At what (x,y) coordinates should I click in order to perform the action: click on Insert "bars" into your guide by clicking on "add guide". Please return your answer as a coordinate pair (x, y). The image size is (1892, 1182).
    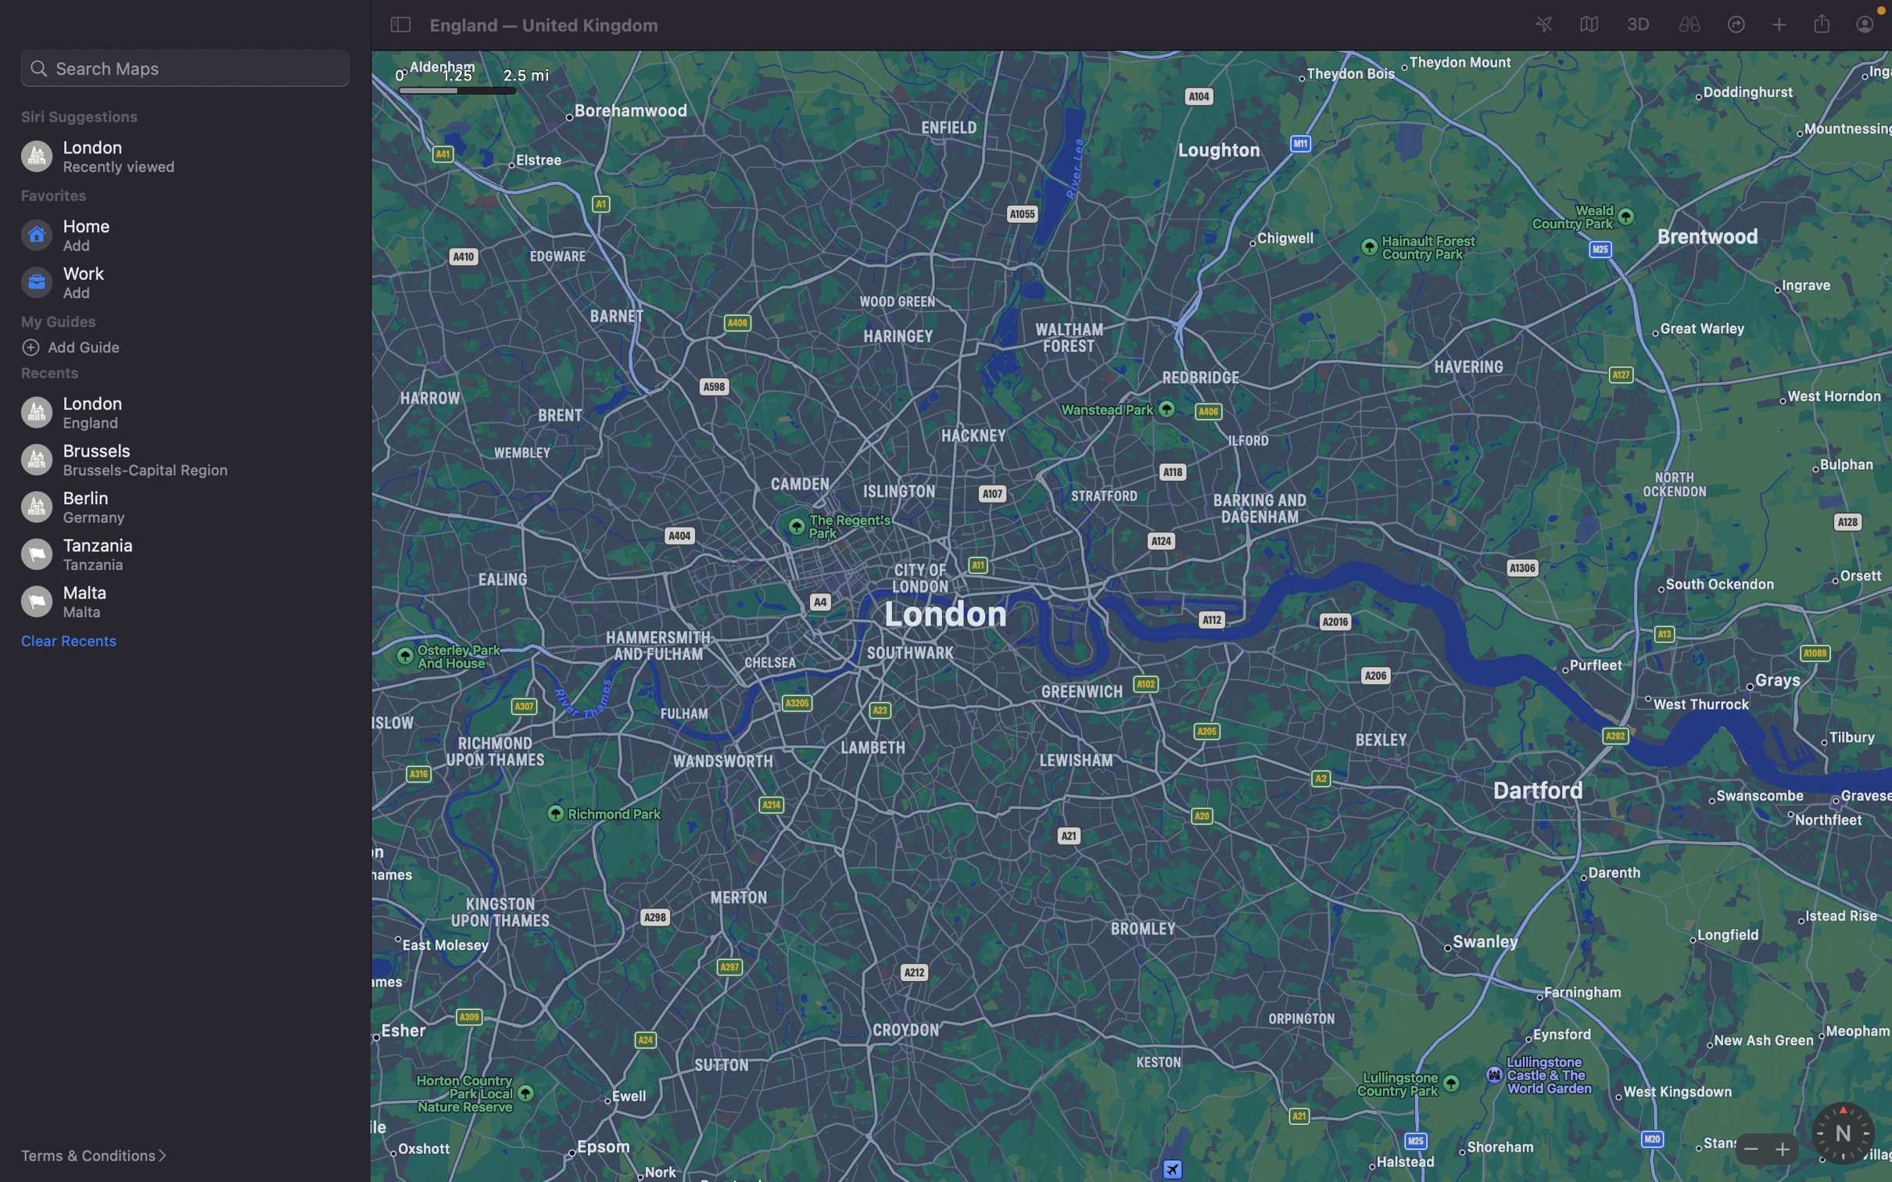
    Looking at the image, I should click on (191, 346).